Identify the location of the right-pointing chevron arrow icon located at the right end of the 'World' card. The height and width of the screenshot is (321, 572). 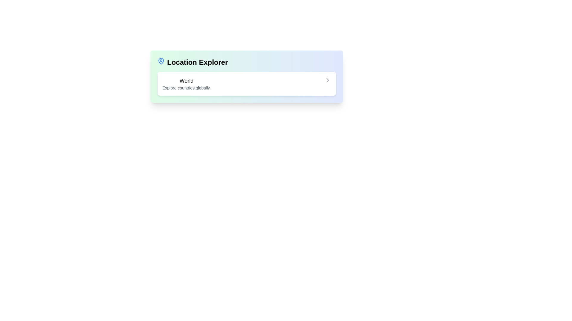
(327, 80).